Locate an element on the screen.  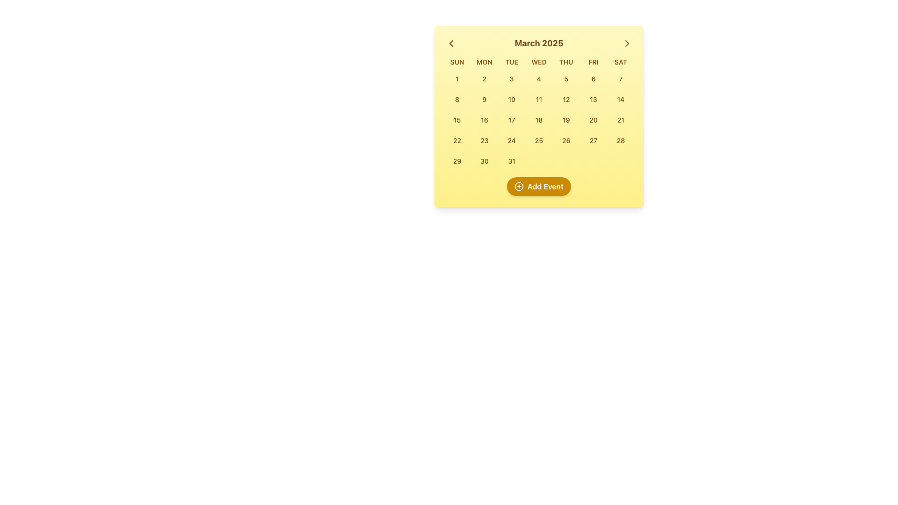
the text label representing the 23rd day of the month is located at coordinates (484, 140).